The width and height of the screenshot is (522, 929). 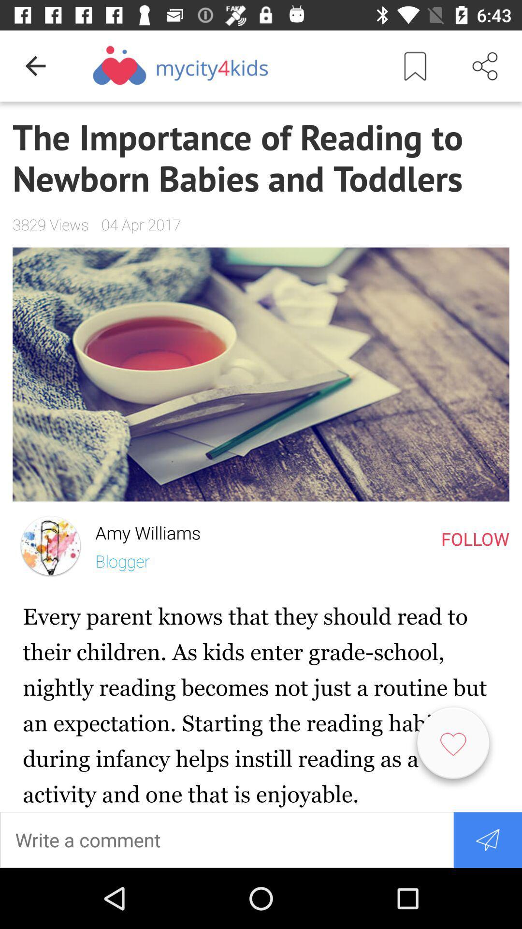 I want to click on the amy williams item, so click(x=142, y=530).